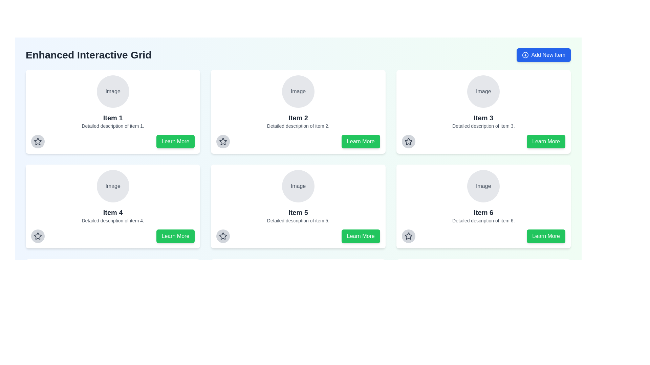 The image size is (650, 365). I want to click on the favorite button (star) located at the bottom-left corner of card number 3, so click(408, 141).